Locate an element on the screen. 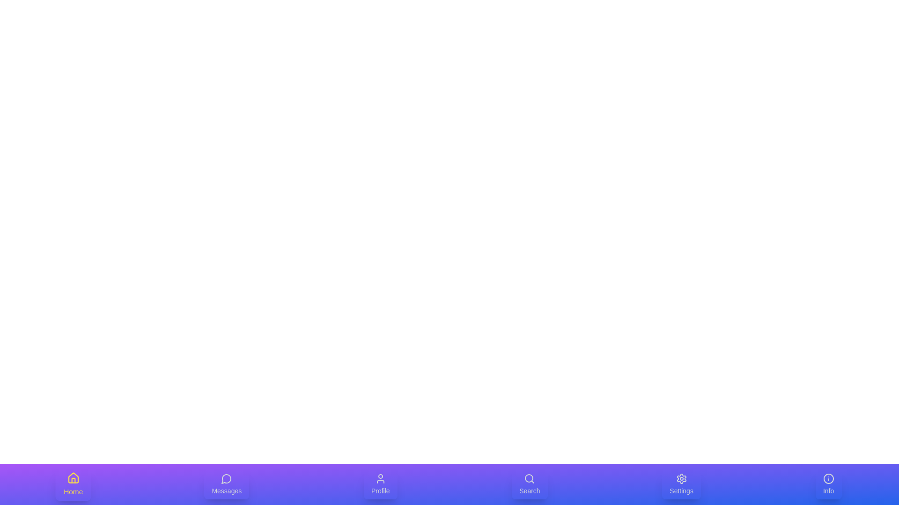 The height and width of the screenshot is (505, 899). the Profile tab to select it is located at coordinates (380, 484).